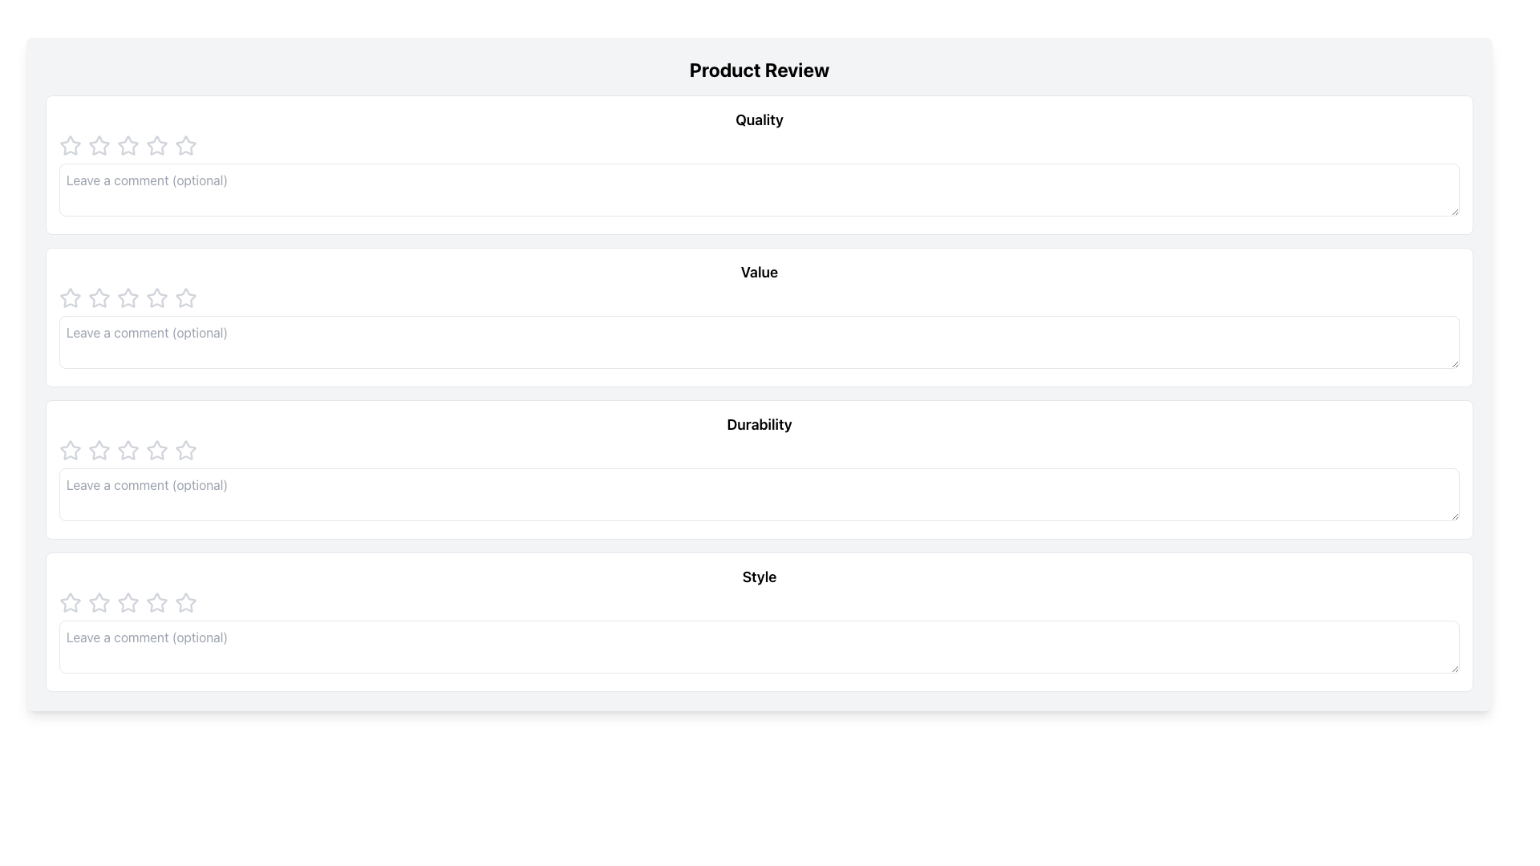 This screenshot has height=866, width=1540. Describe the element at coordinates (758, 297) in the screenshot. I see `the 'Value' rating component which consists of star icons in the middle of the review panel` at that location.